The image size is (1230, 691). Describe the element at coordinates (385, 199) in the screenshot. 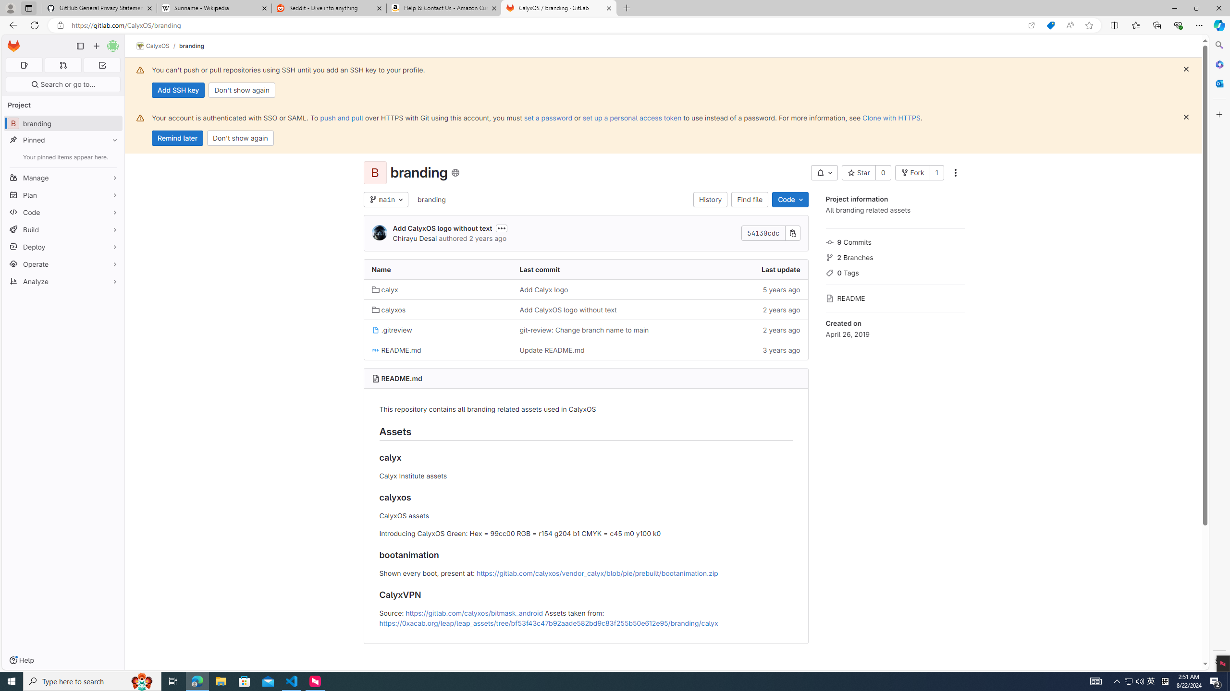

I see `'main'` at that location.